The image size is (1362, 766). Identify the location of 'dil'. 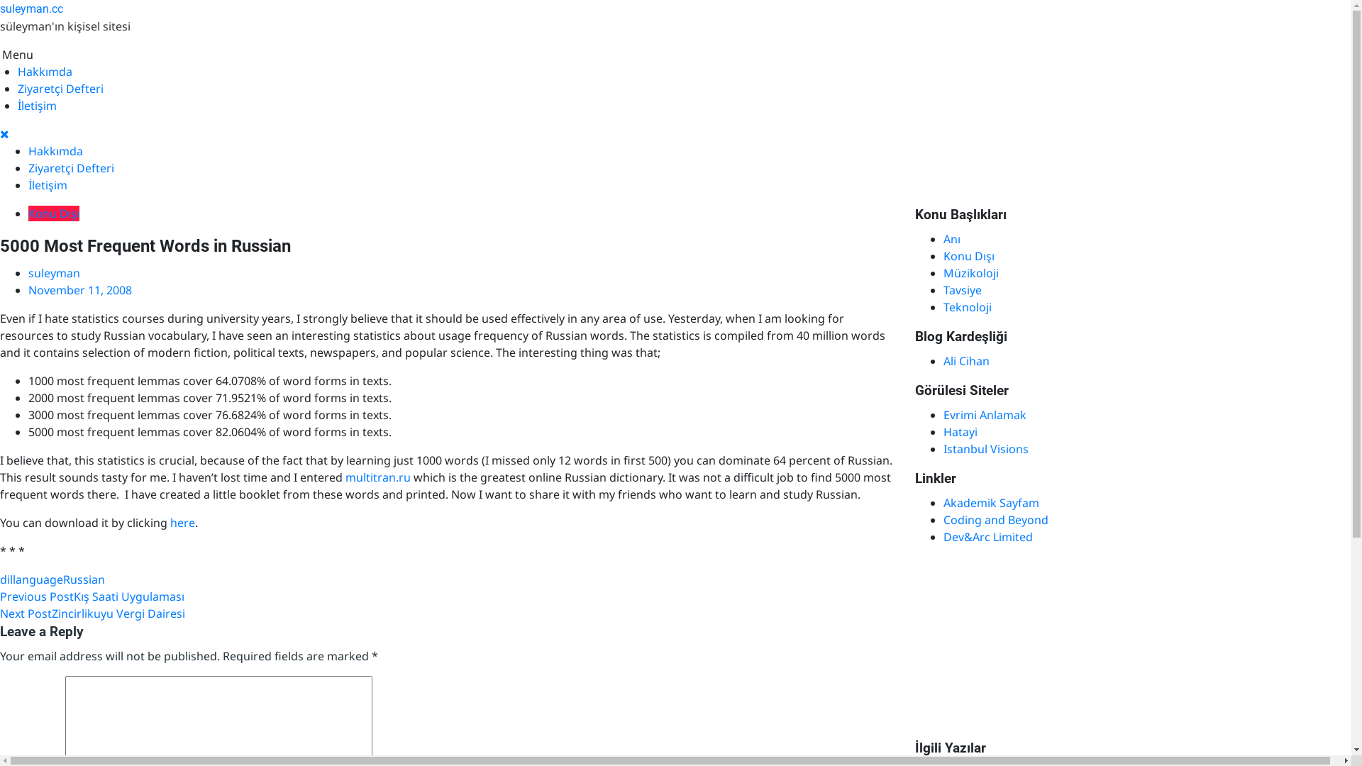
(6, 579).